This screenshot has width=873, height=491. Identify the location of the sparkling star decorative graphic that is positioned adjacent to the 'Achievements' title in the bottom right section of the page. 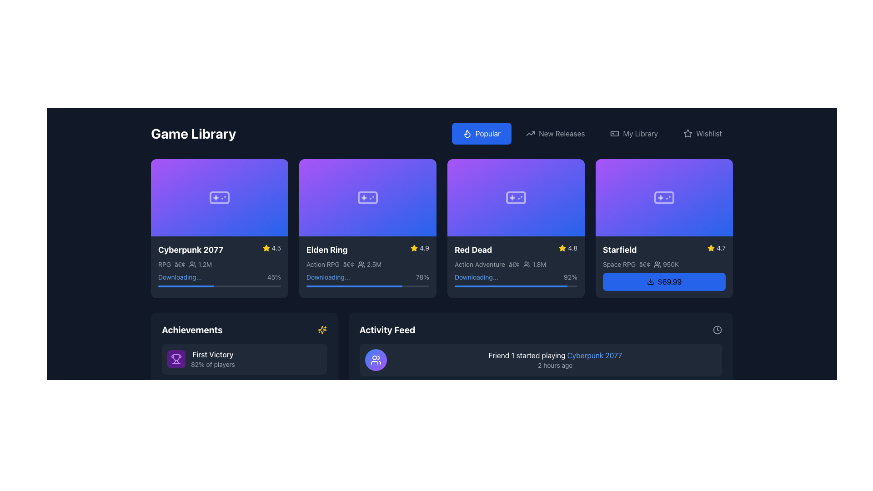
(322, 330).